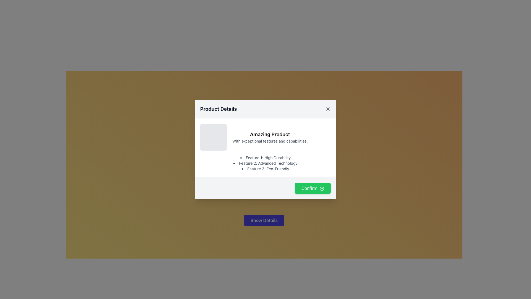  What do you see at coordinates (265, 149) in the screenshot?
I see `the 'Product Details' modal dialog box` at bounding box center [265, 149].